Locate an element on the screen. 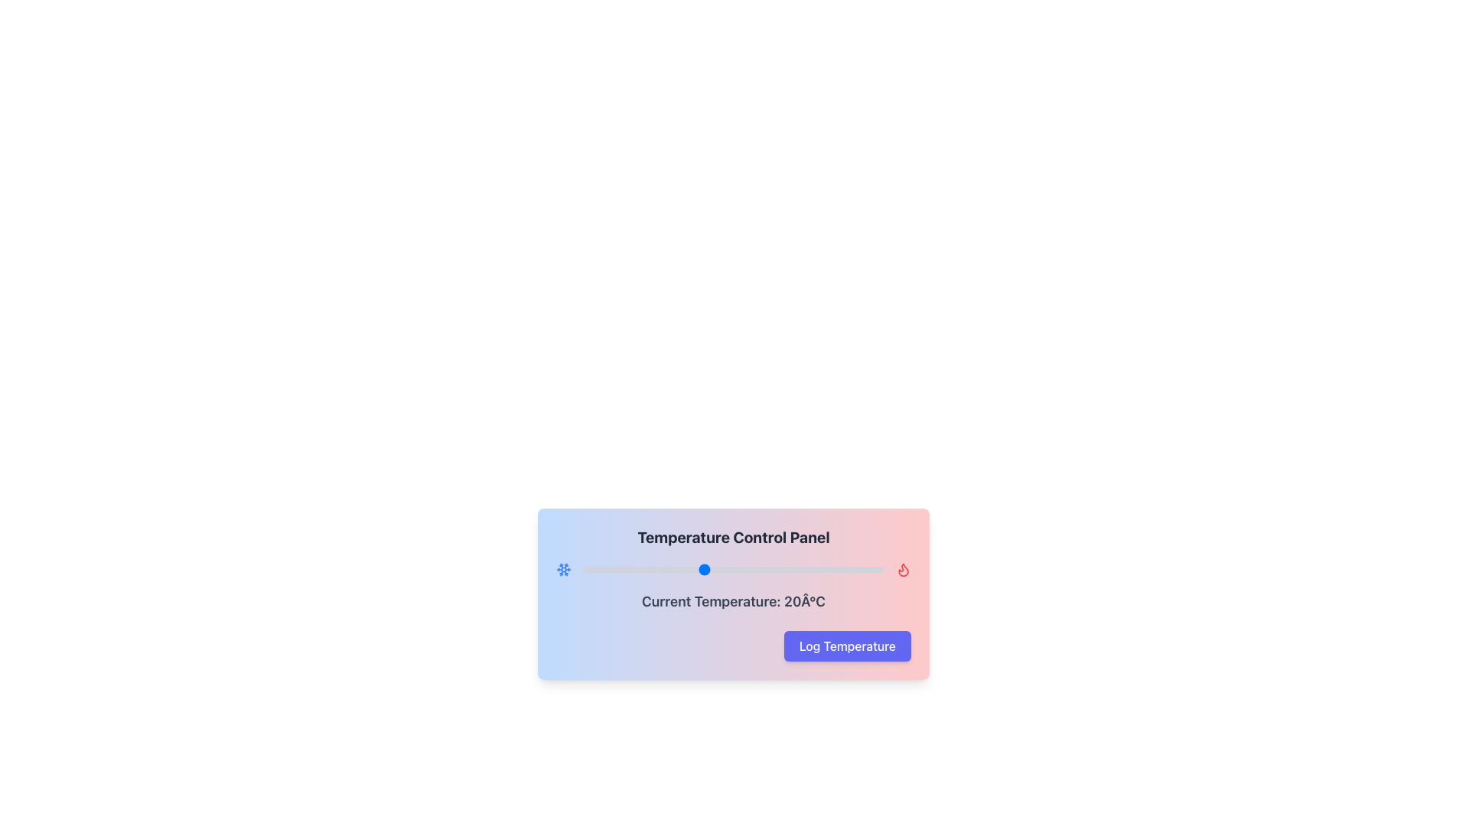  the temperature slider is located at coordinates (607, 569).